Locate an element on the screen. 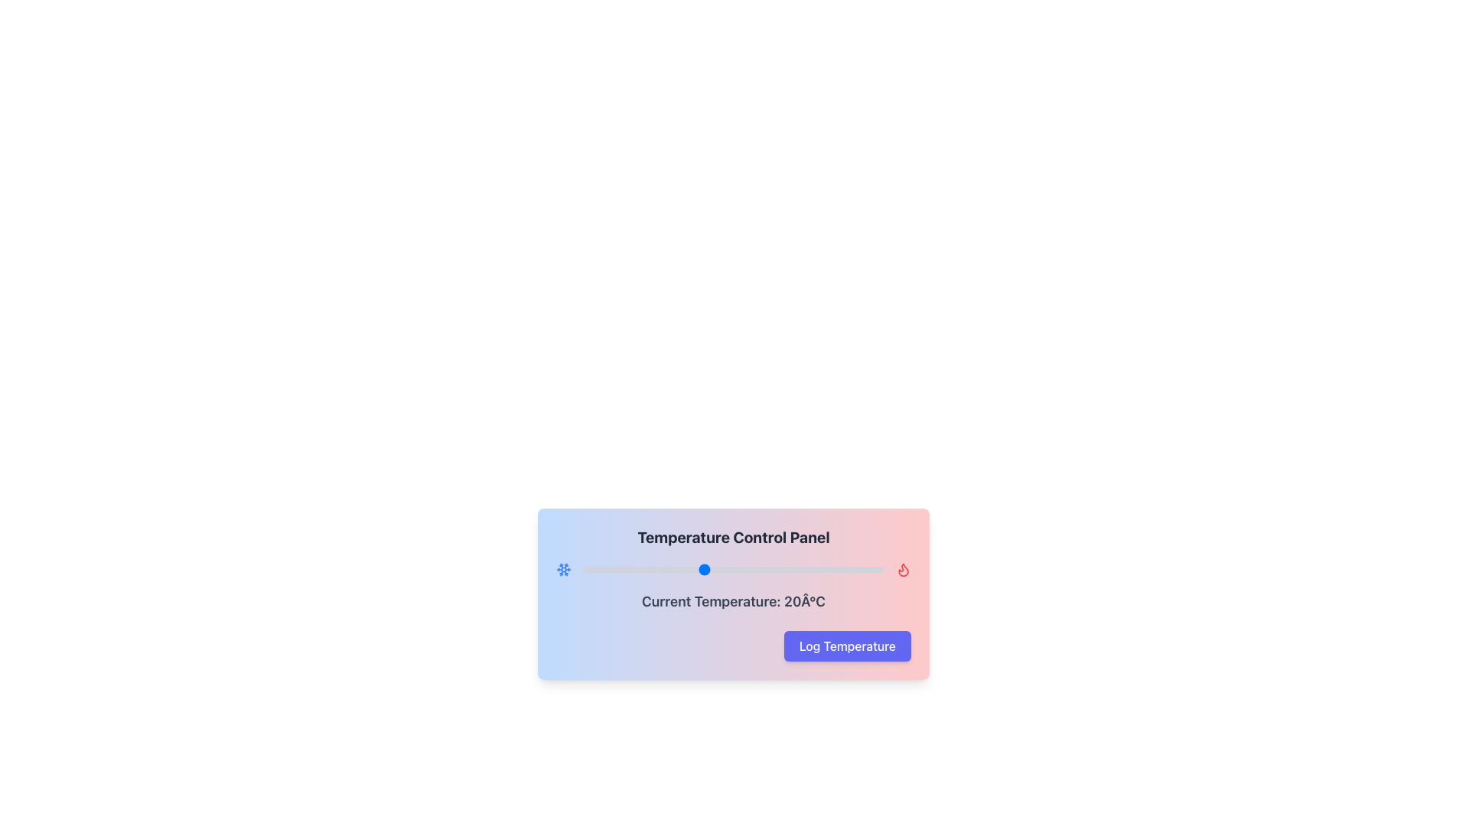  the temperature slider is located at coordinates (607, 569).